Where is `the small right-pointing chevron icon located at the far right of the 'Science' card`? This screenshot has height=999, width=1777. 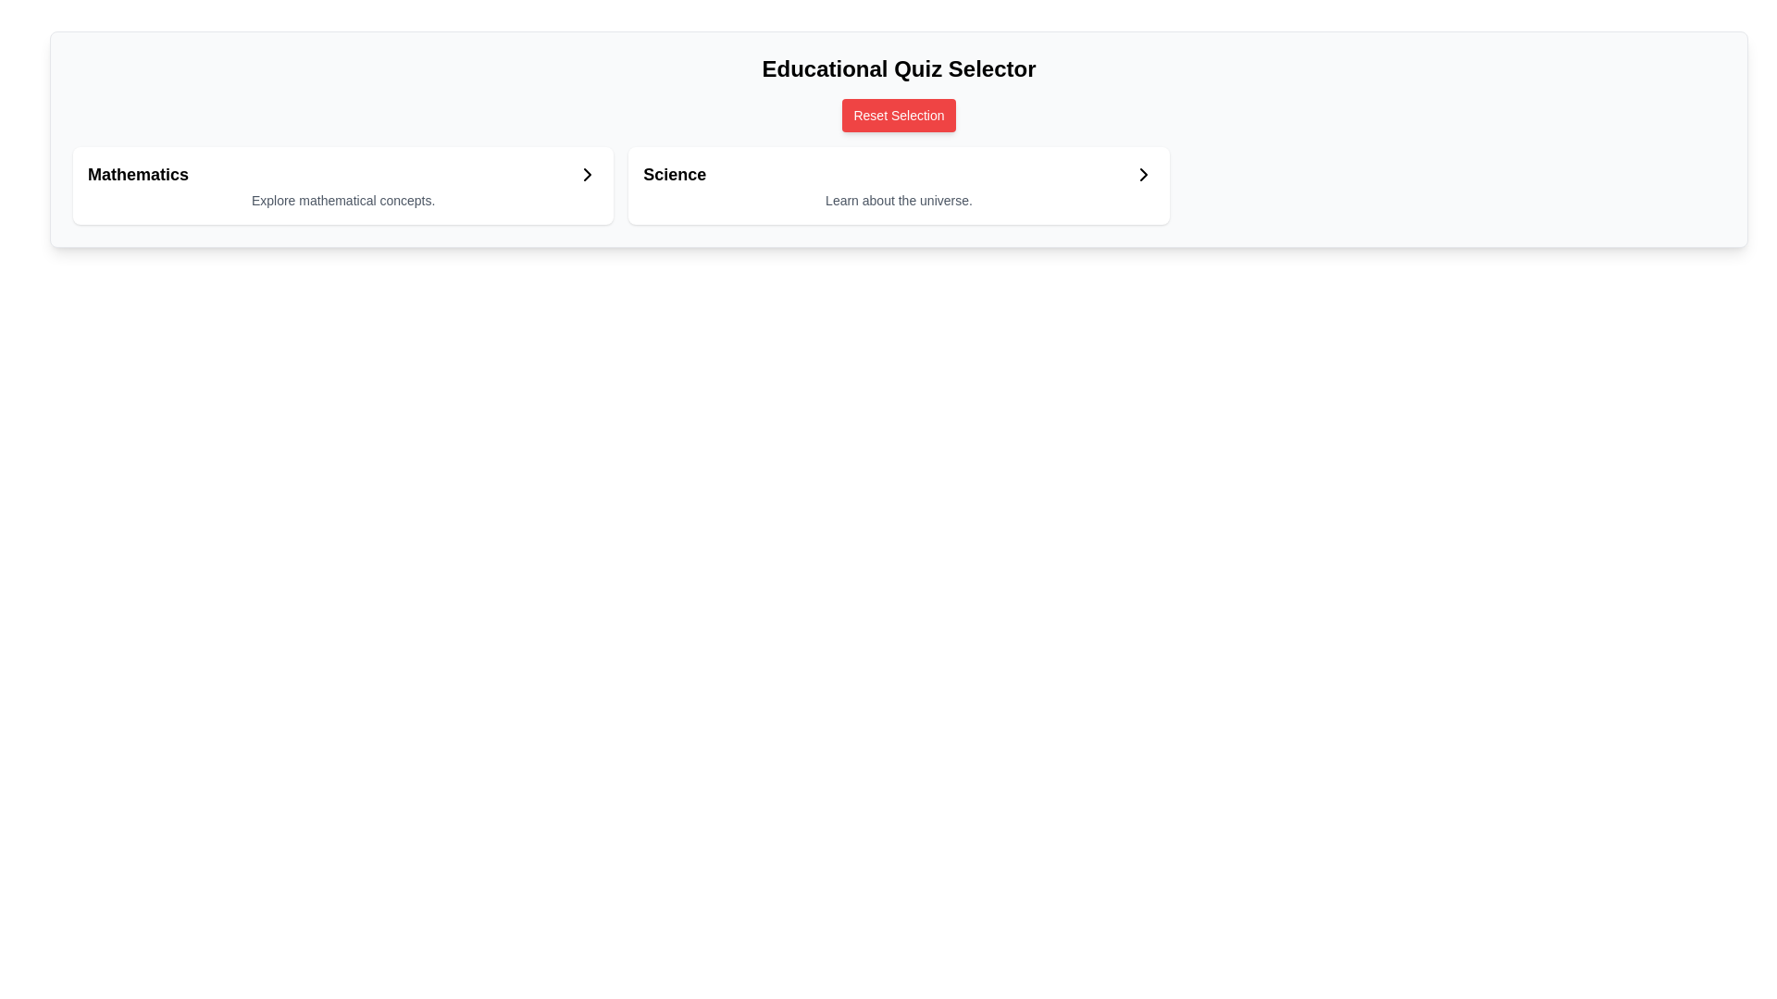
the small right-pointing chevron icon located at the far right of the 'Science' card is located at coordinates (1142, 175).